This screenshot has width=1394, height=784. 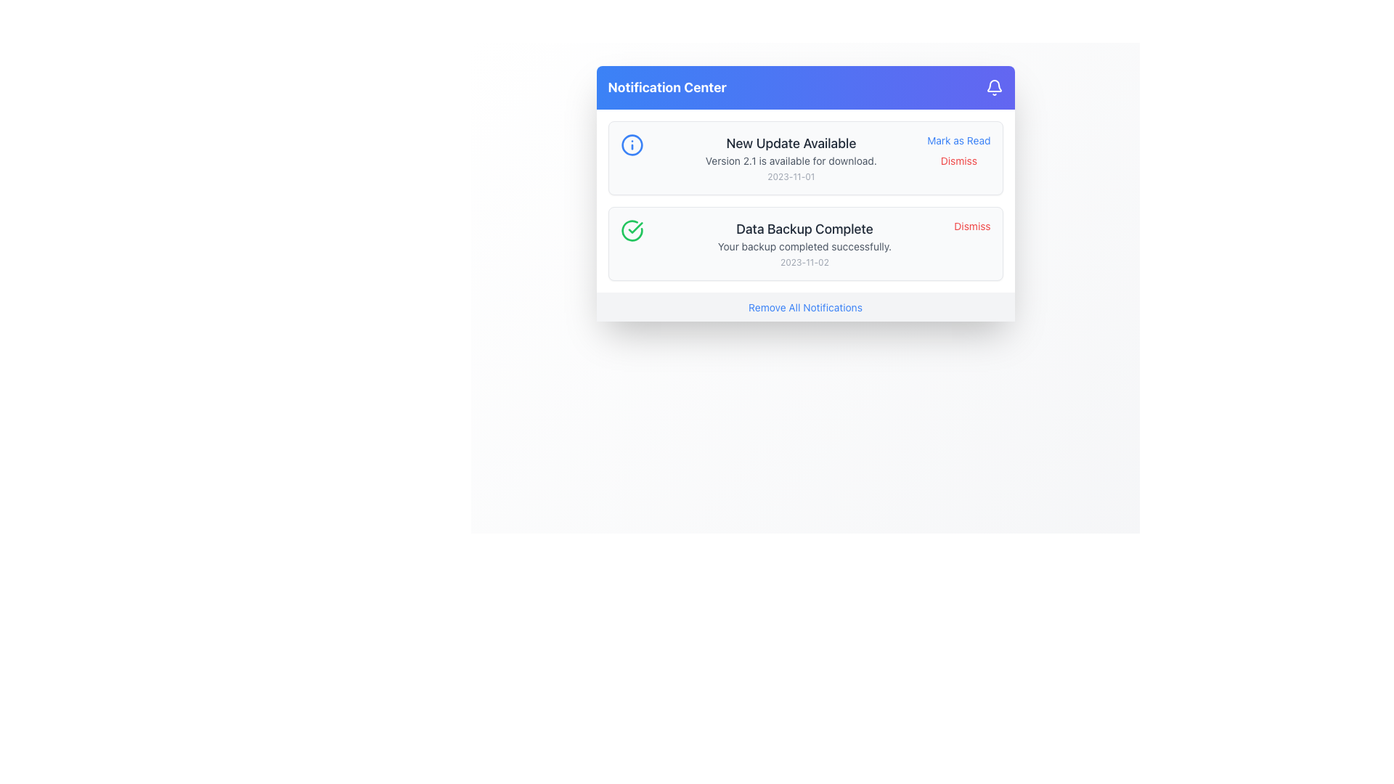 I want to click on the 'Mark as Read' interactive text link styled in blue font, so click(x=958, y=140).